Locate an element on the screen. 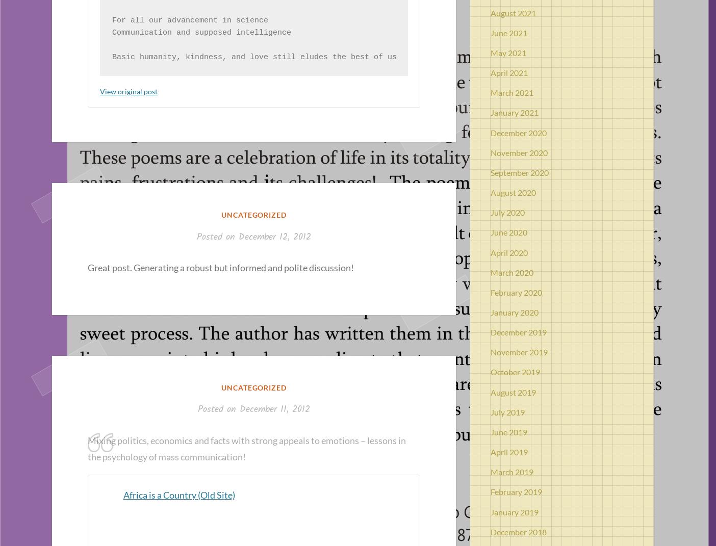 This screenshot has height=546, width=716. 'April 2021' is located at coordinates (509, 72).